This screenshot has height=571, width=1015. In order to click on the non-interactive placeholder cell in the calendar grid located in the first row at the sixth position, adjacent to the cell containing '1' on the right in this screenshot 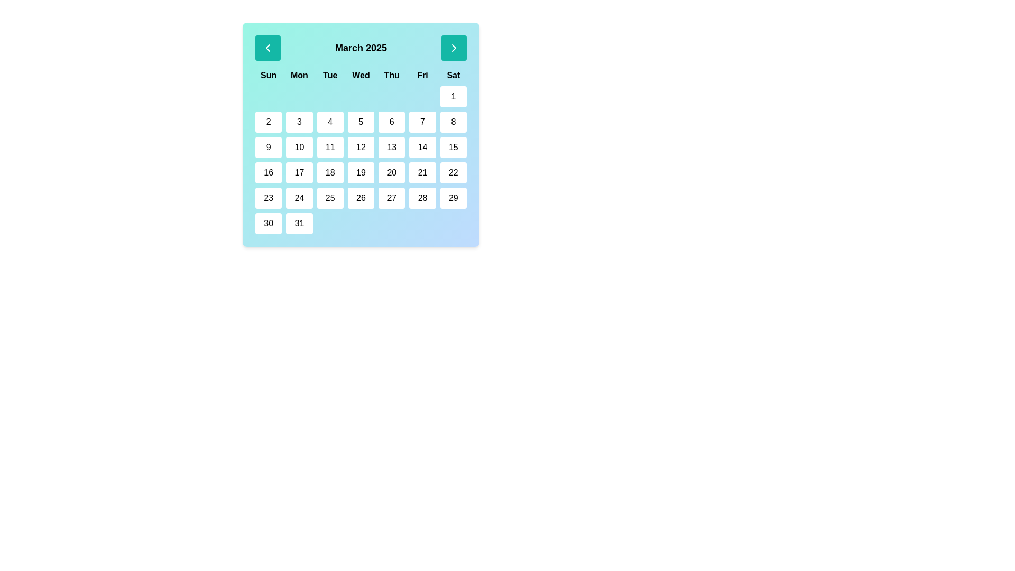, I will do `click(422, 96)`.